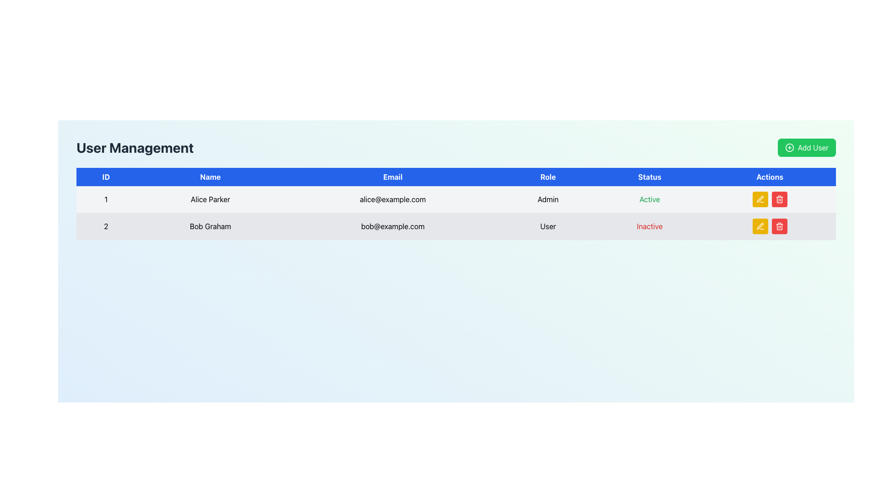  Describe the element at coordinates (760, 226) in the screenshot. I see `the small yellow pen icon in the 'Actions' column on the second row of the user table to initiate the edit action for the user 'Bob Graham'` at that location.